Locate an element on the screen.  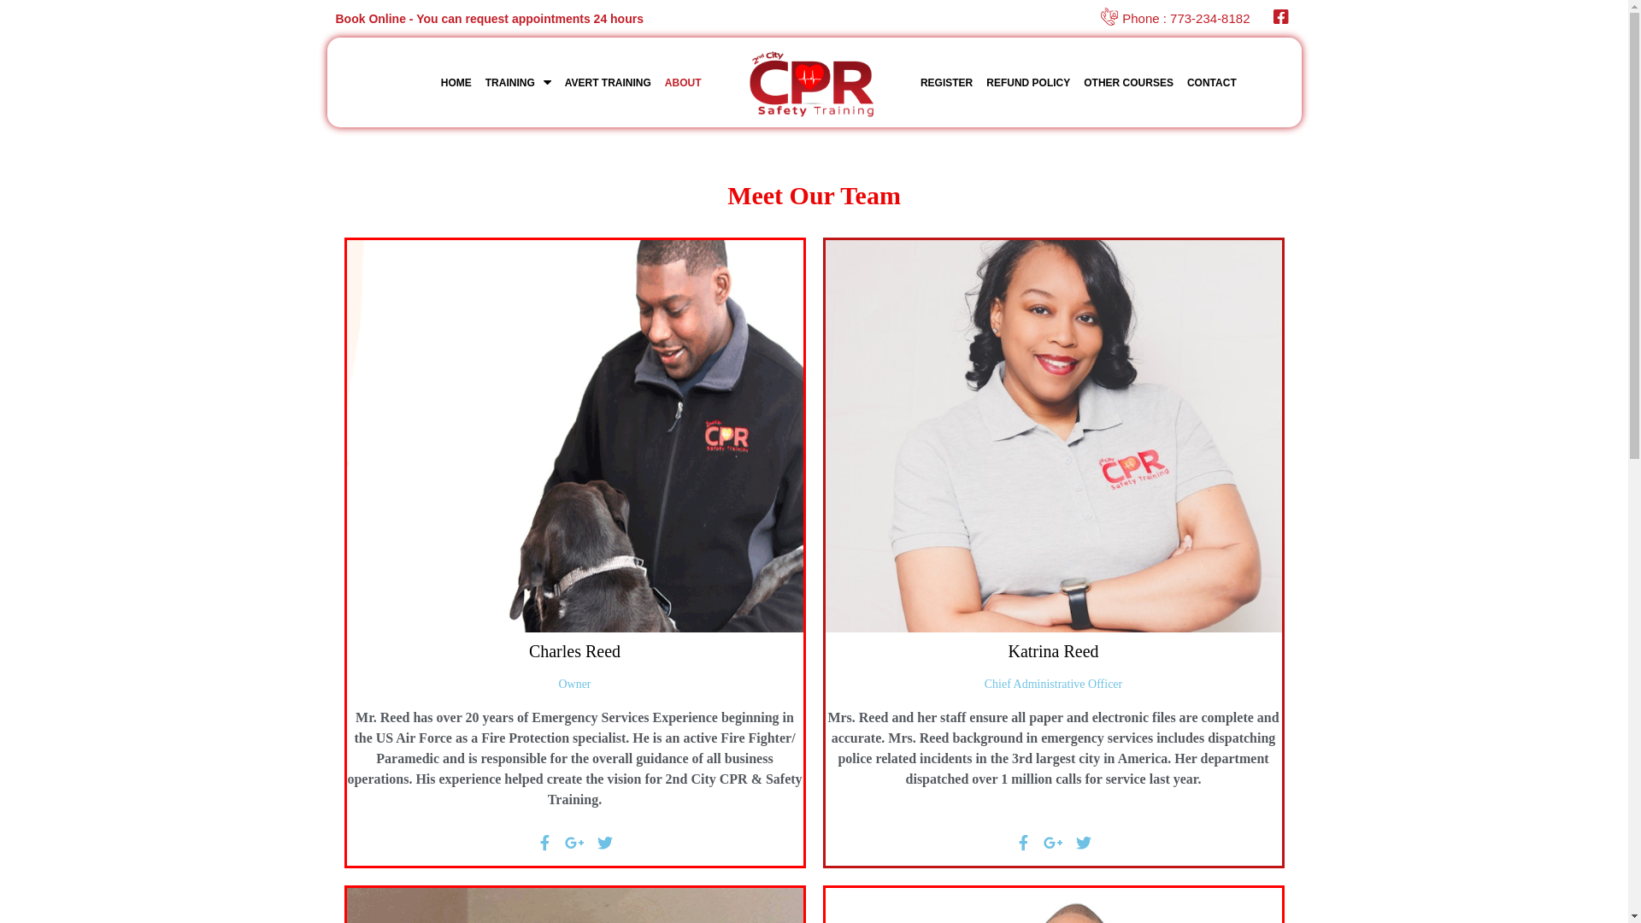
'AVERT TRAINING' is located at coordinates (608, 82).